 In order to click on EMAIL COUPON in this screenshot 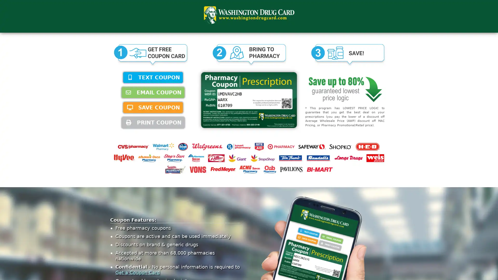, I will do `click(153, 92)`.